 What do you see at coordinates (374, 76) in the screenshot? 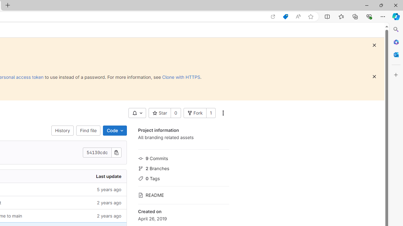
I see `'Dismiss'` at bounding box center [374, 76].